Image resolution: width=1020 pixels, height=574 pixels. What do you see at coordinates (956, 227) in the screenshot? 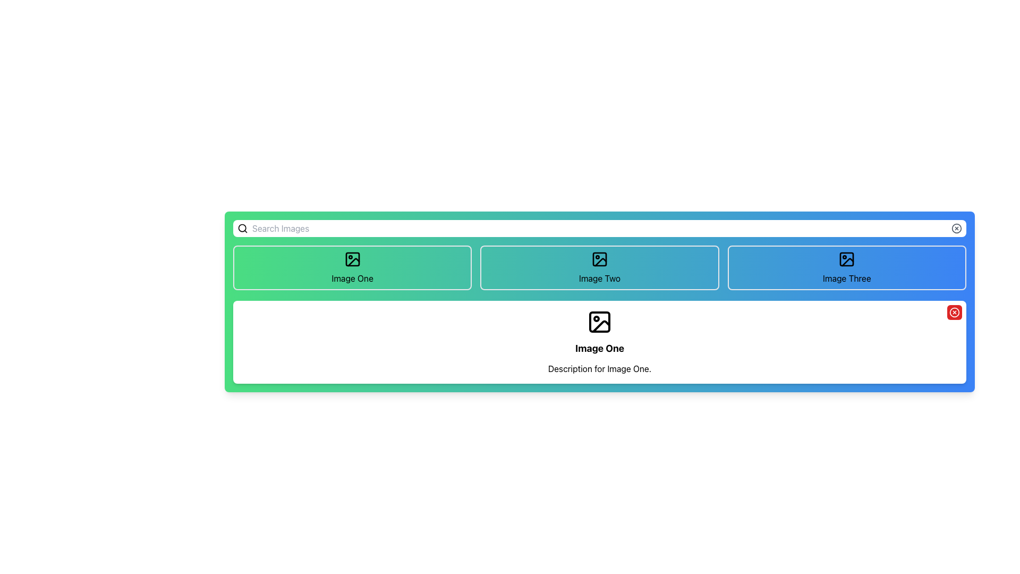
I see `the circular icon button located at the top-right edge of the interactive search bar` at bounding box center [956, 227].